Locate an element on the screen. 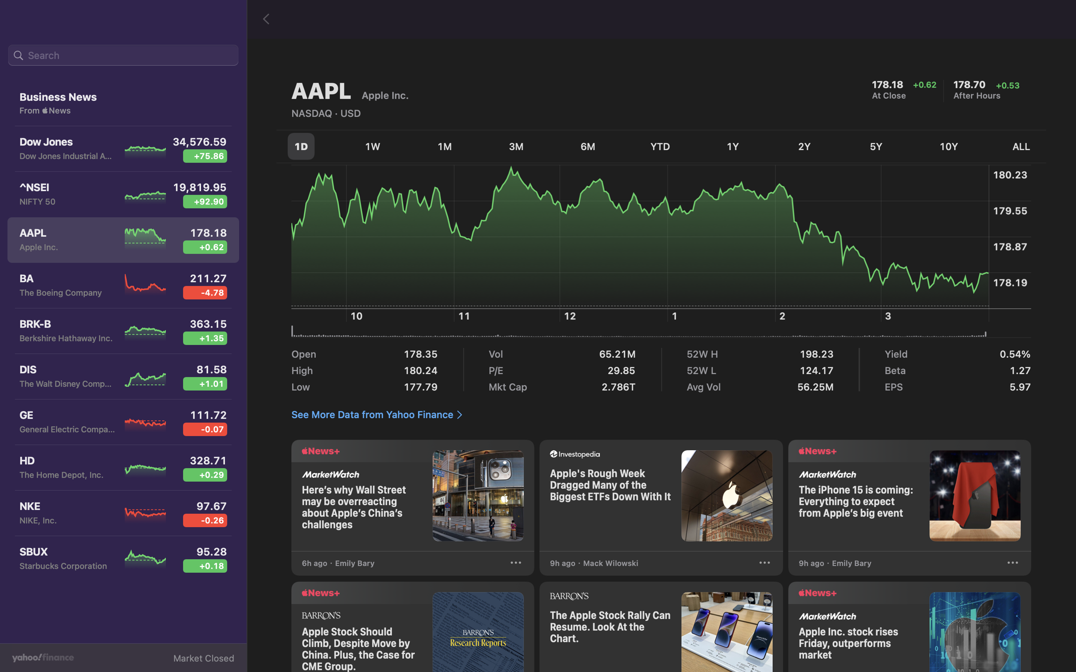  Check the change in stock from 12 noon to 2 by dragging over the graph is located at coordinates (1649508, 462672).